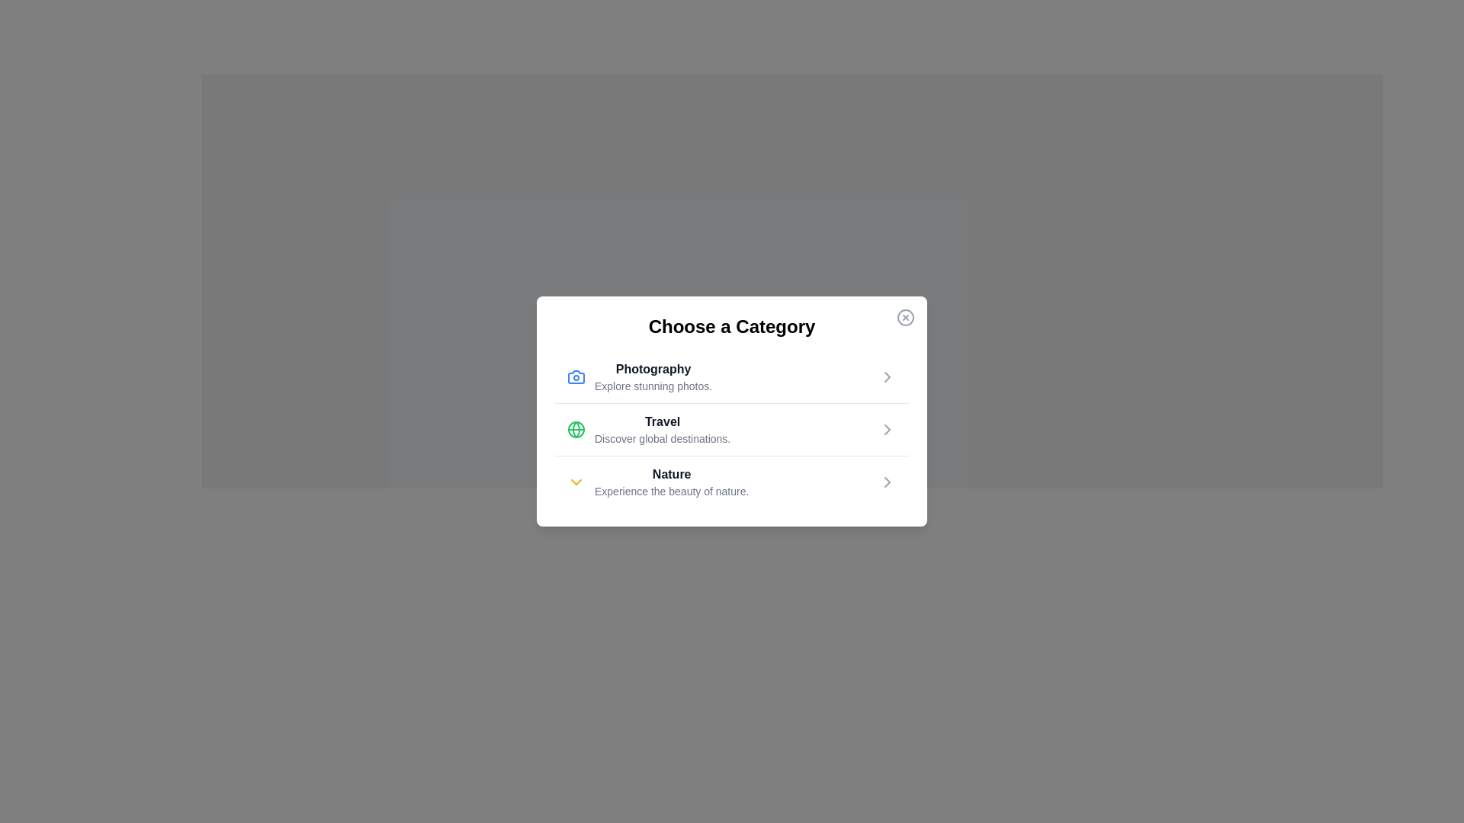 Image resolution: width=1464 pixels, height=823 pixels. Describe the element at coordinates (653, 376) in the screenshot. I see `the text group featuring 'Photography' and 'Explore stunning photos.' located in the first position of the vertically stacked list in the modal` at that location.